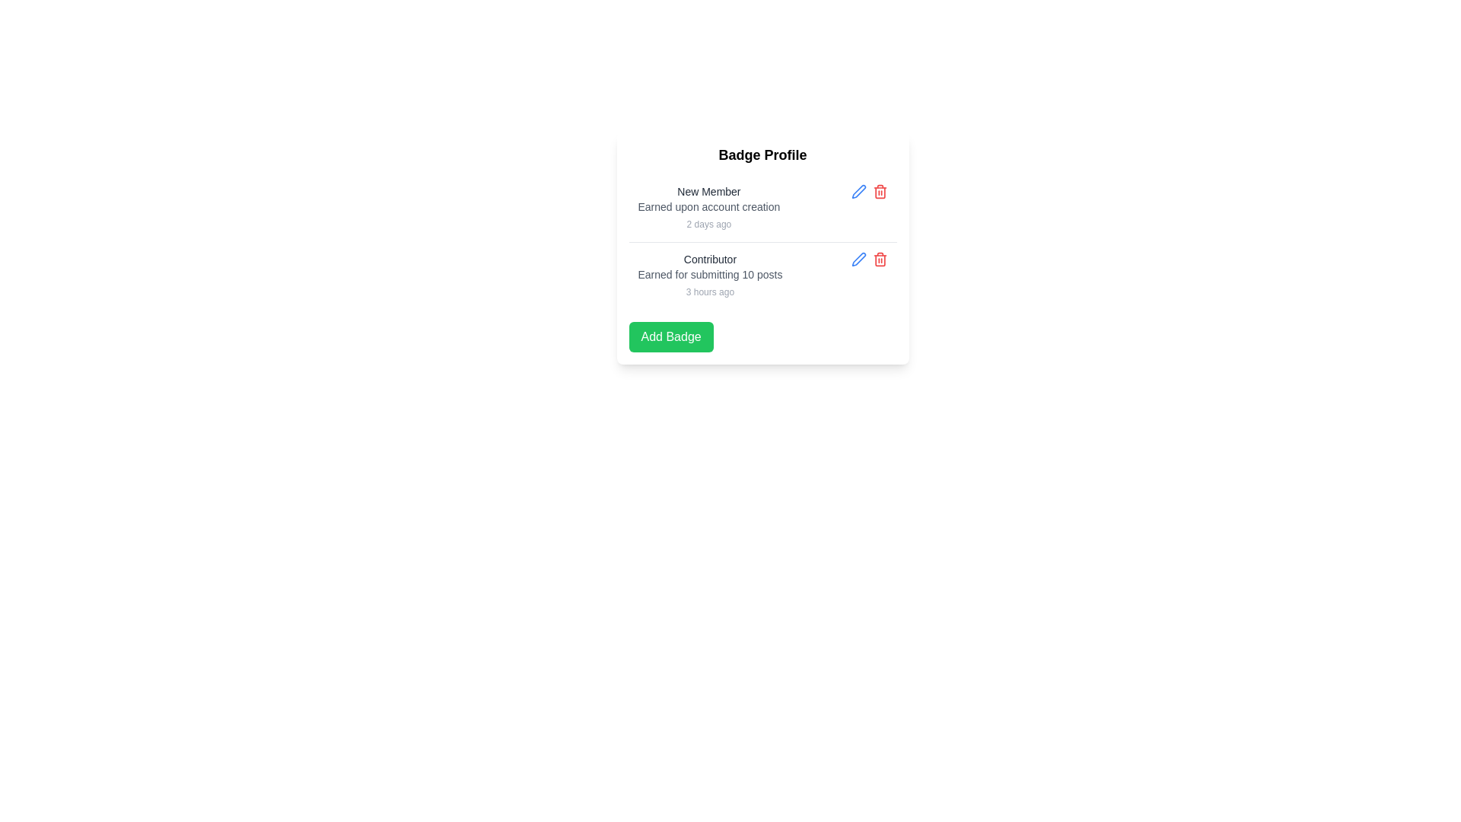 This screenshot has height=822, width=1461. Describe the element at coordinates (709, 276) in the screenshot. I see `the textual description block that indicates the contributor's status, which includes the text 'Contributor', 'Earned for submitting 10 posts', and '3 hours ago'. This block is located in the second row of the Badge Profile content, below the 'New Member' badge entry, and is centrally aligned` at that location.